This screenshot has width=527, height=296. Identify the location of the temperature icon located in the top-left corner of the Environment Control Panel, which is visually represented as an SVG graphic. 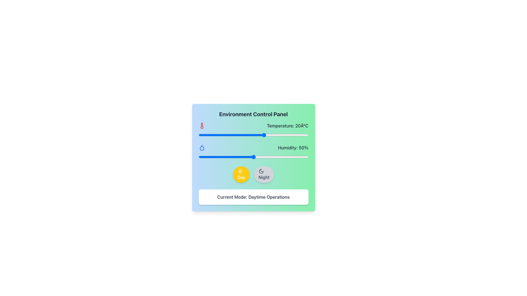
(201, 126).